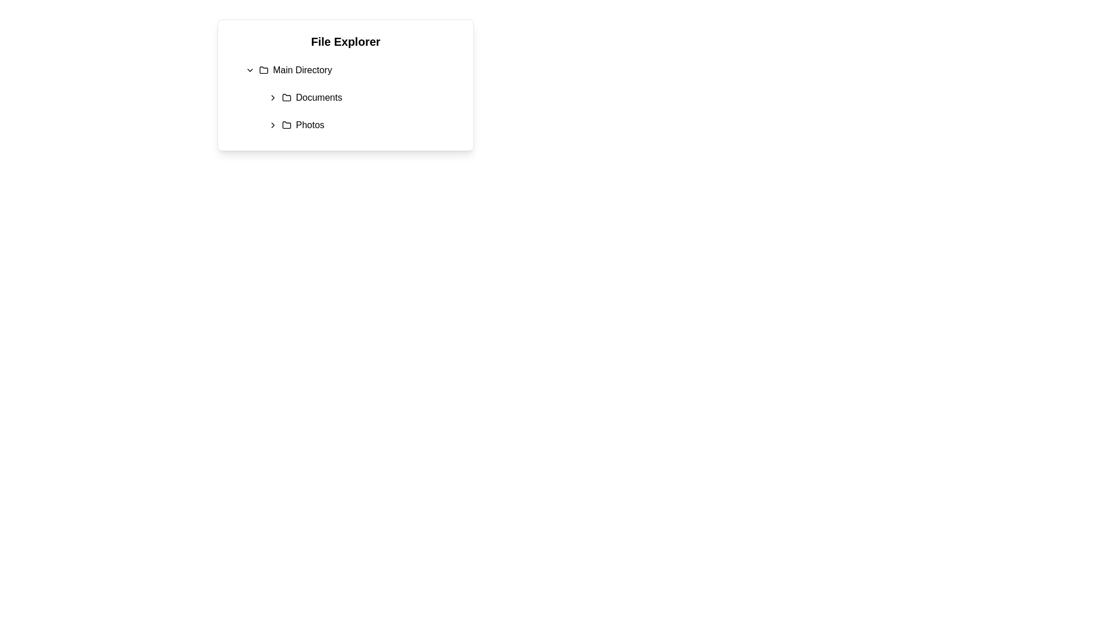 The image size is (1099, 618). Describe the element at coordinates (286, 125) in the screenshot. I see `the folder icon adjacent to the 'Photos' label` at that location.